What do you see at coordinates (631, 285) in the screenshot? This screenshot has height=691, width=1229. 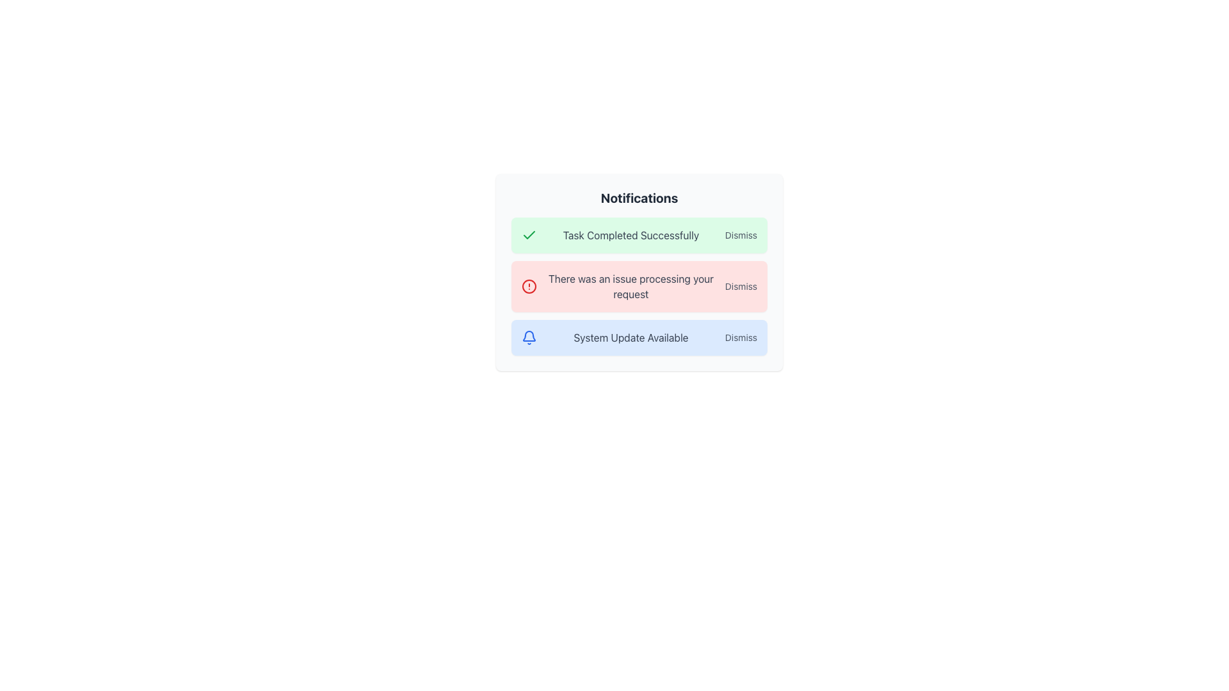 I see `the text label displaying the message 'There was an issue processing your request', which is located in the second notification row, indicating an alert or error` at bounding box center [631, 285].